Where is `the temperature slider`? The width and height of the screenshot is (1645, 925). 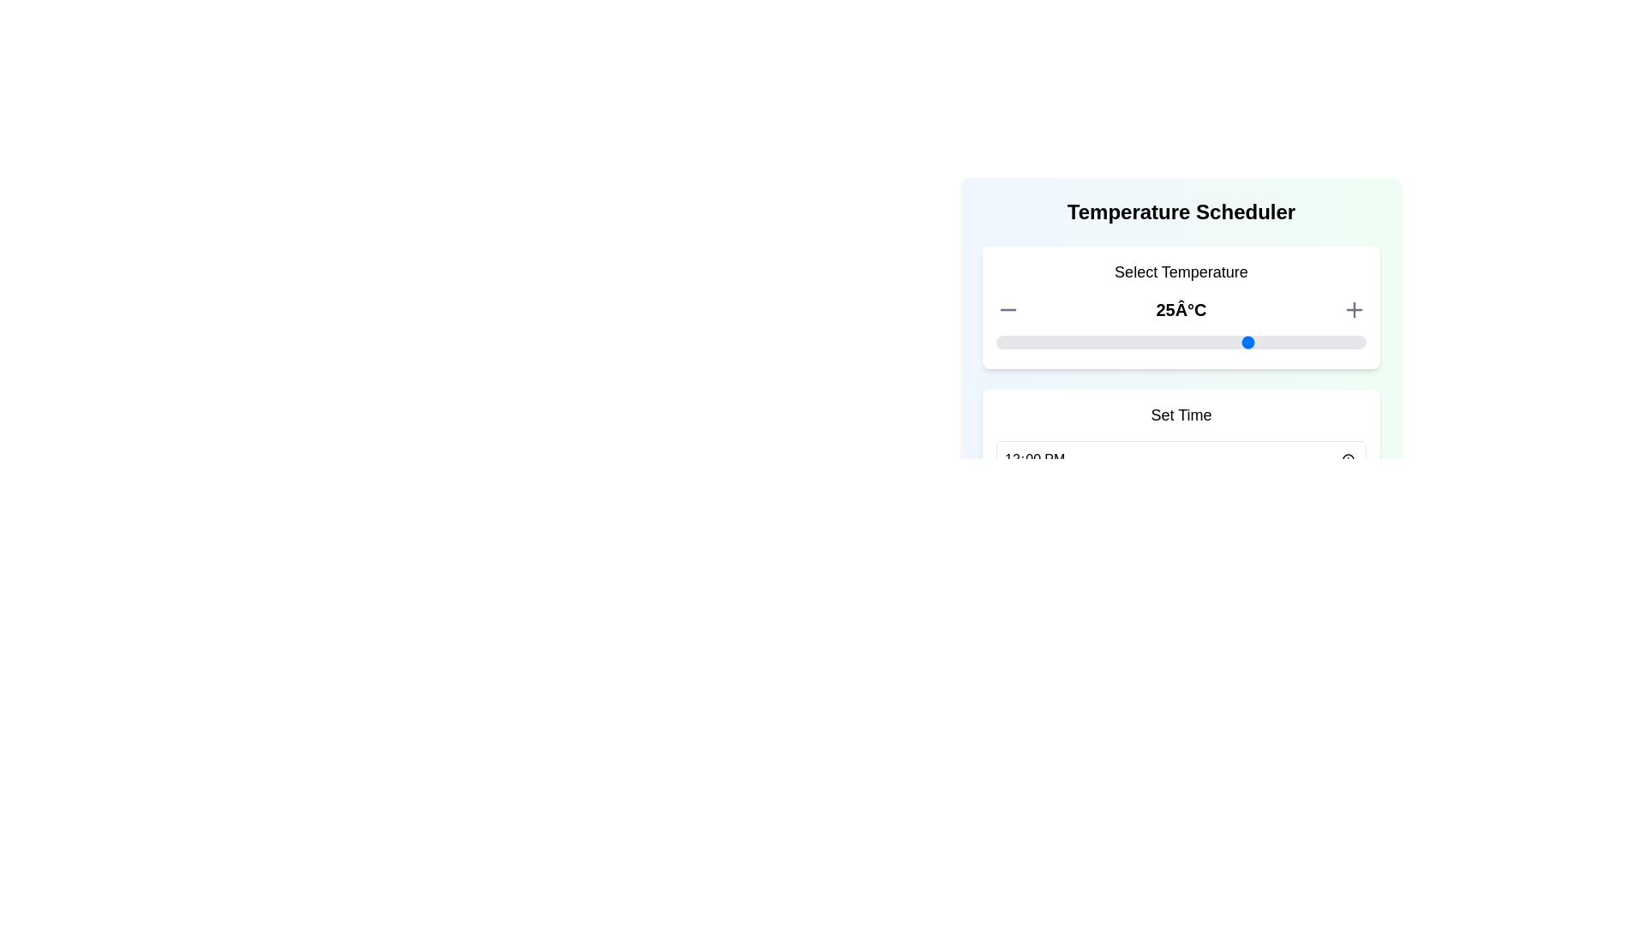 the temperature slider is located at coordinates (1328, 343).